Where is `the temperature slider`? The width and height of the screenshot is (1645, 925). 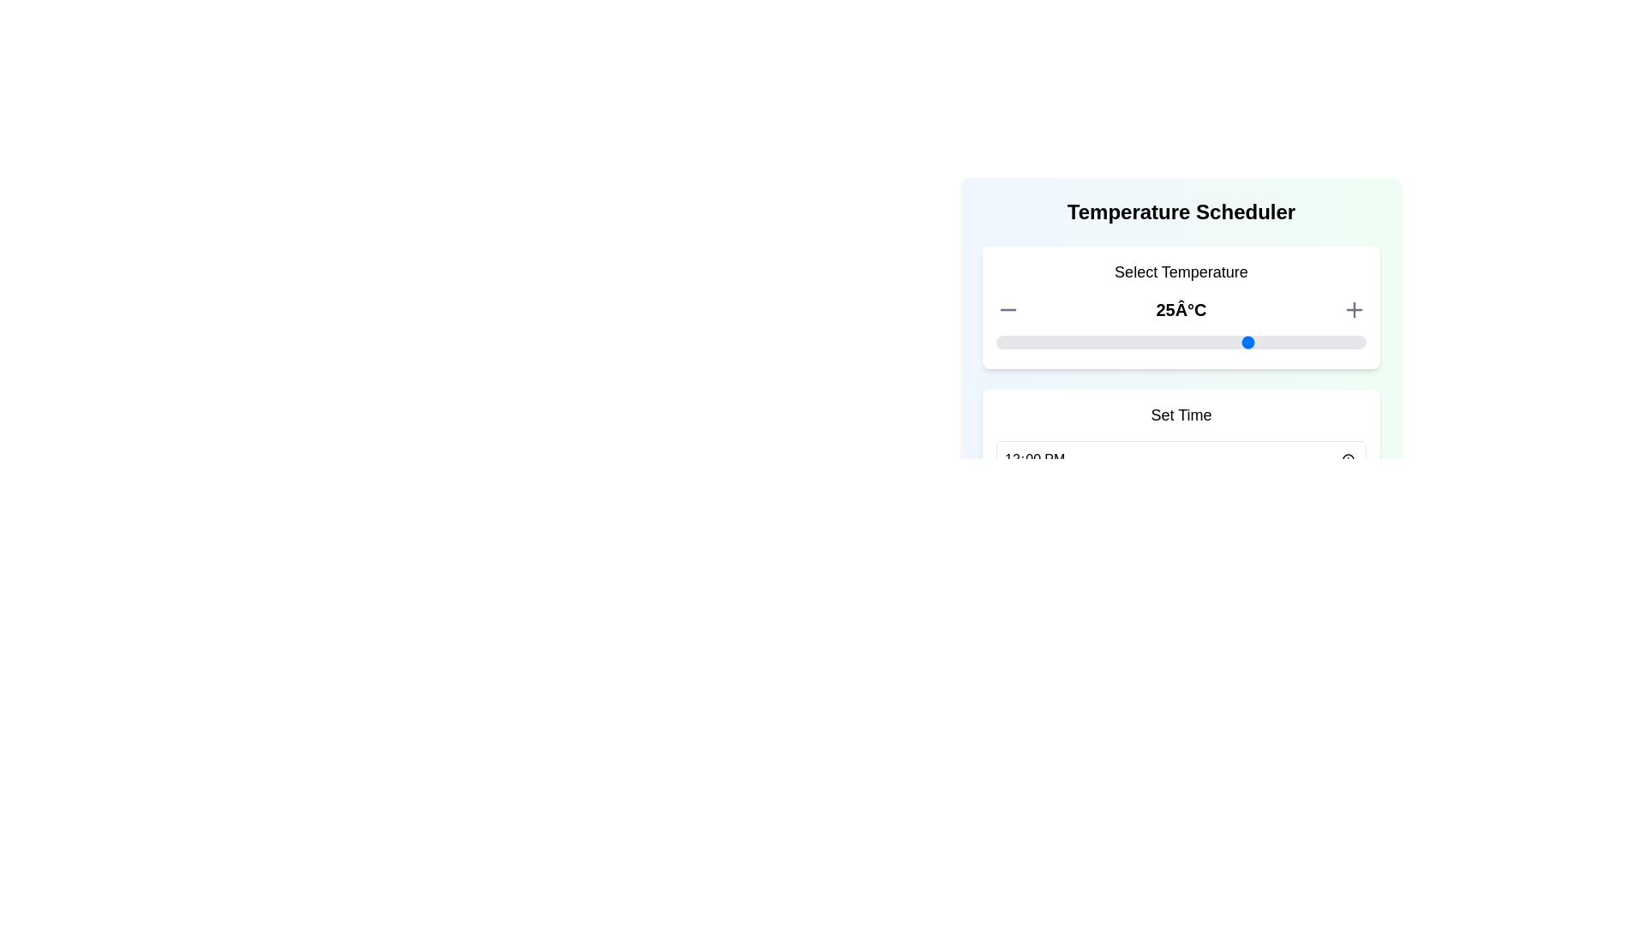 the temperature slider is located at coordinates (1328, 343).